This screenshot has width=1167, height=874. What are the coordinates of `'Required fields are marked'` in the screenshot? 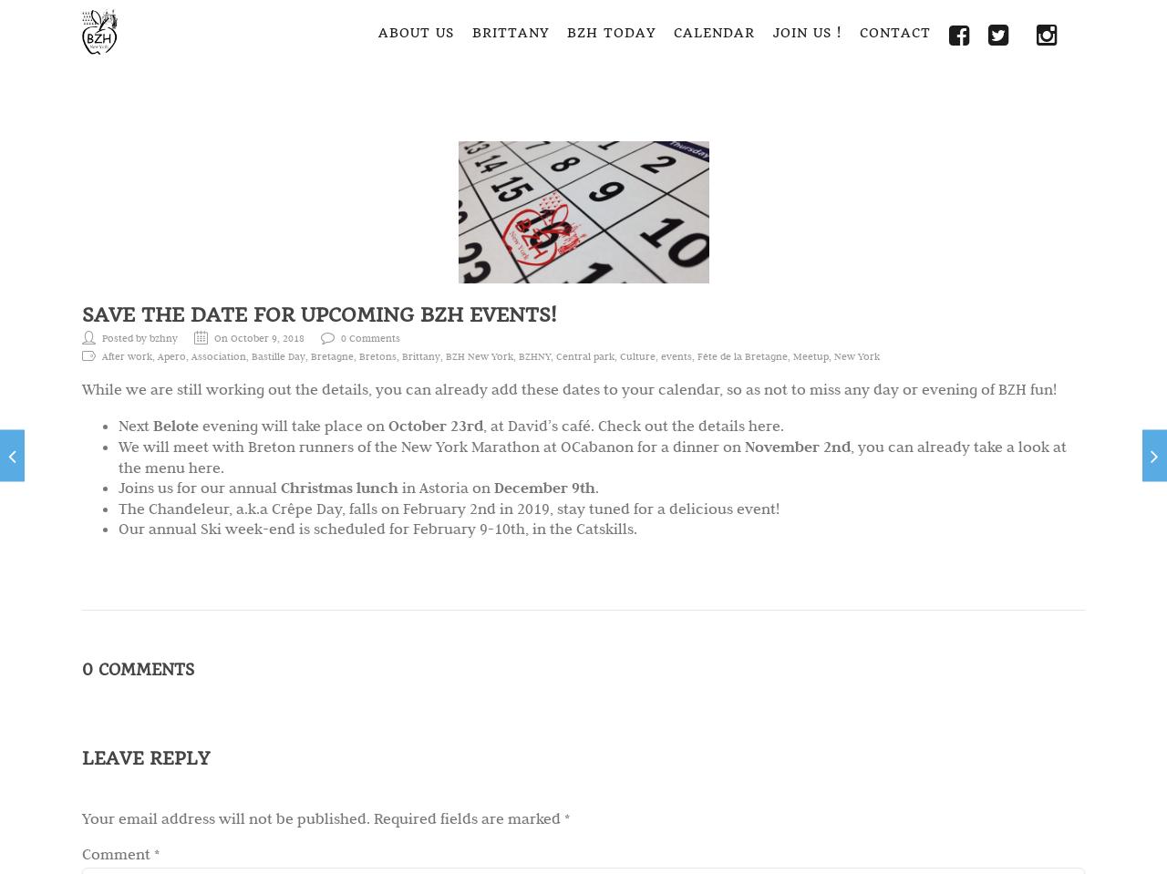 It's located at (469, 817).